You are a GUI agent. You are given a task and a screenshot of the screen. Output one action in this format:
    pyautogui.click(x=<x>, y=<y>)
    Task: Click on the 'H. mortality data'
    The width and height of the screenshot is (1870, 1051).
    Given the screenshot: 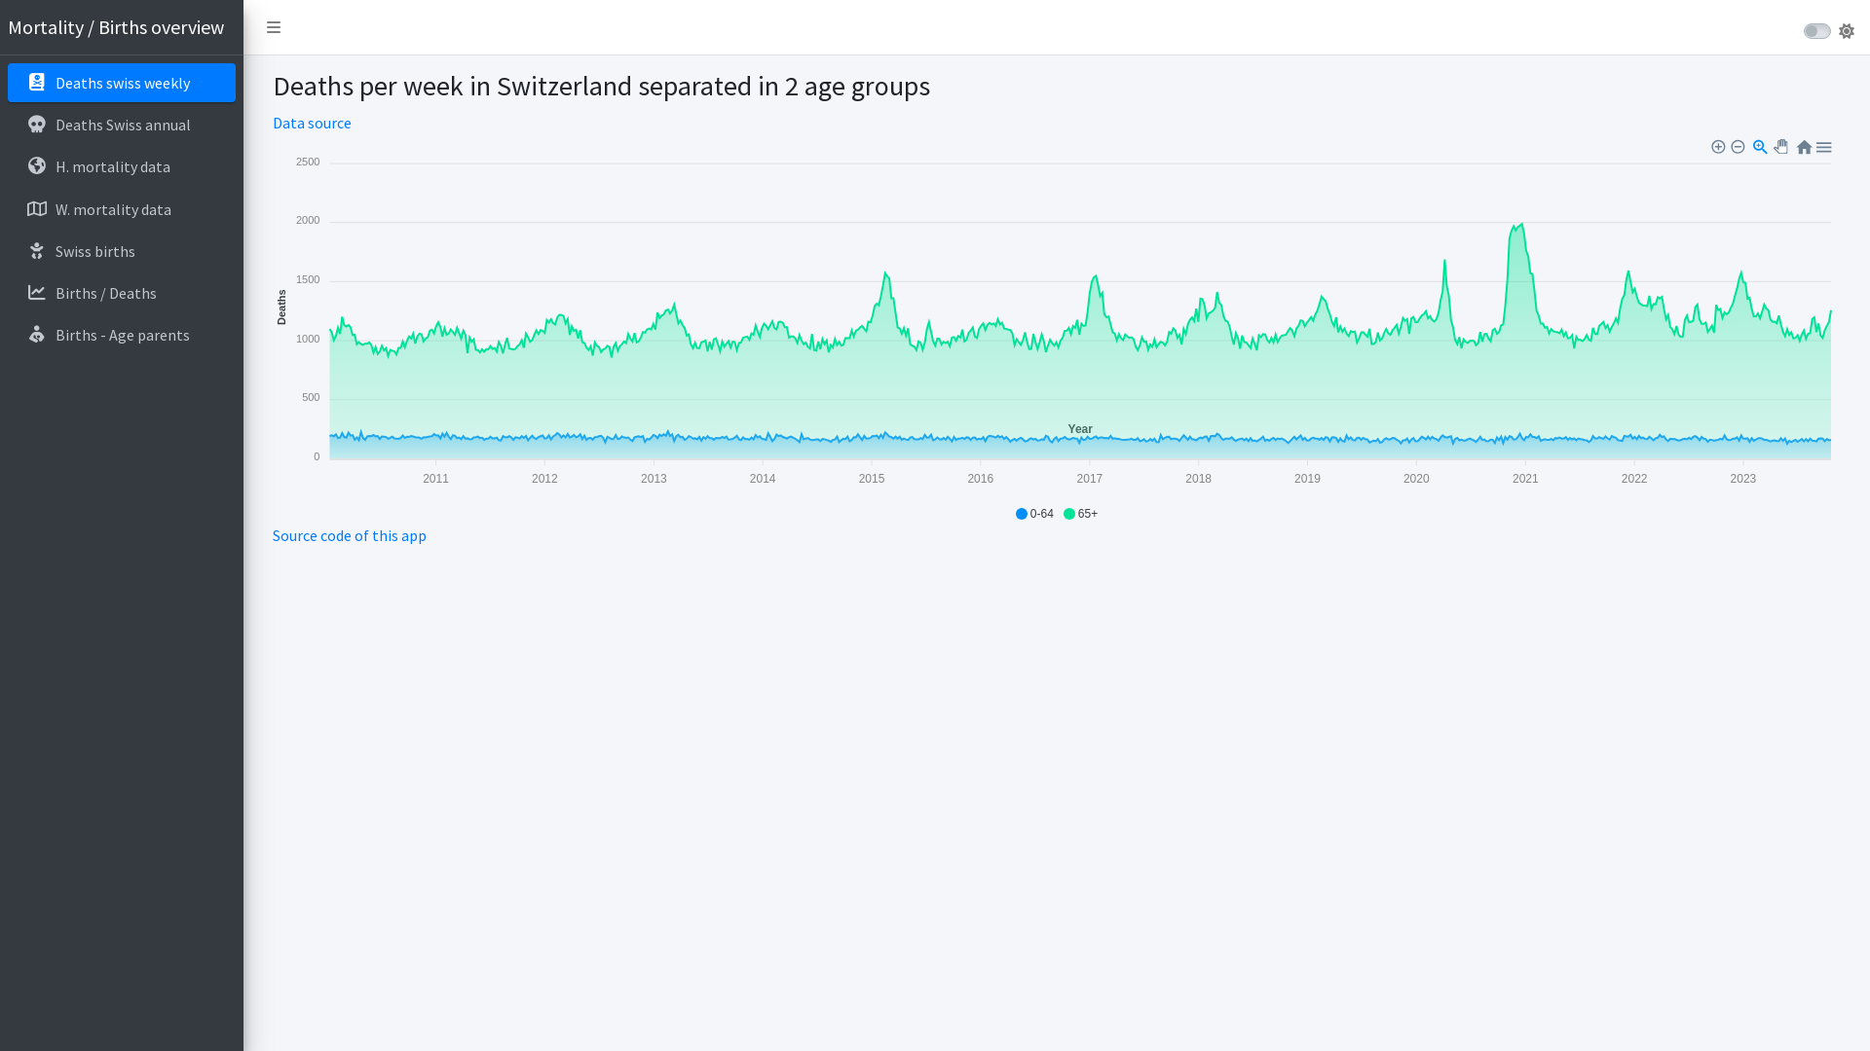 What is the action you would take?
    pyautogui.click(x=120, y=164)
    